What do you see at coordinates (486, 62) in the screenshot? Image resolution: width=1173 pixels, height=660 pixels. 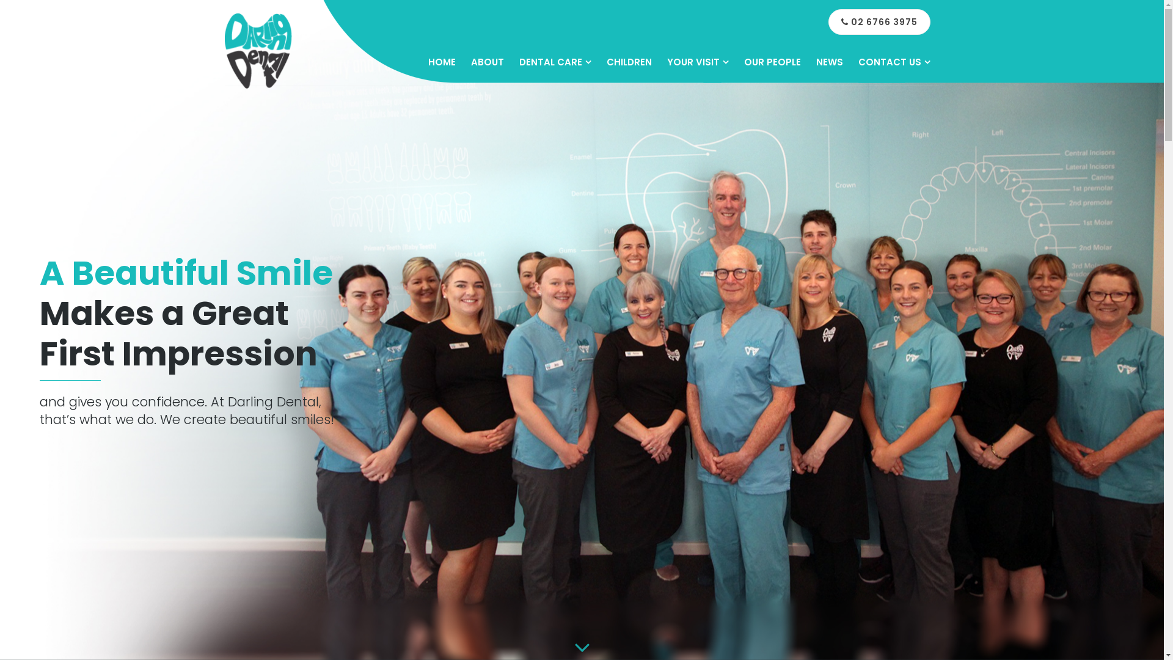 I see `'ABOUT'` at bounding box center [486, 62].